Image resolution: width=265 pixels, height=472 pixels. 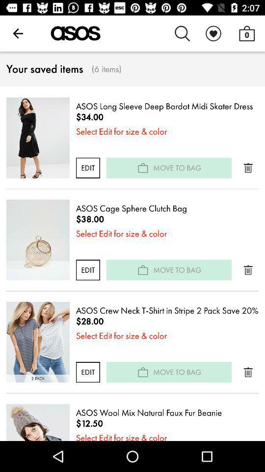 What do you see at coordinates (247, 168) in the screenshot?
I see `first delete button which is on the right side of the page` at bounding box center [247, 168].